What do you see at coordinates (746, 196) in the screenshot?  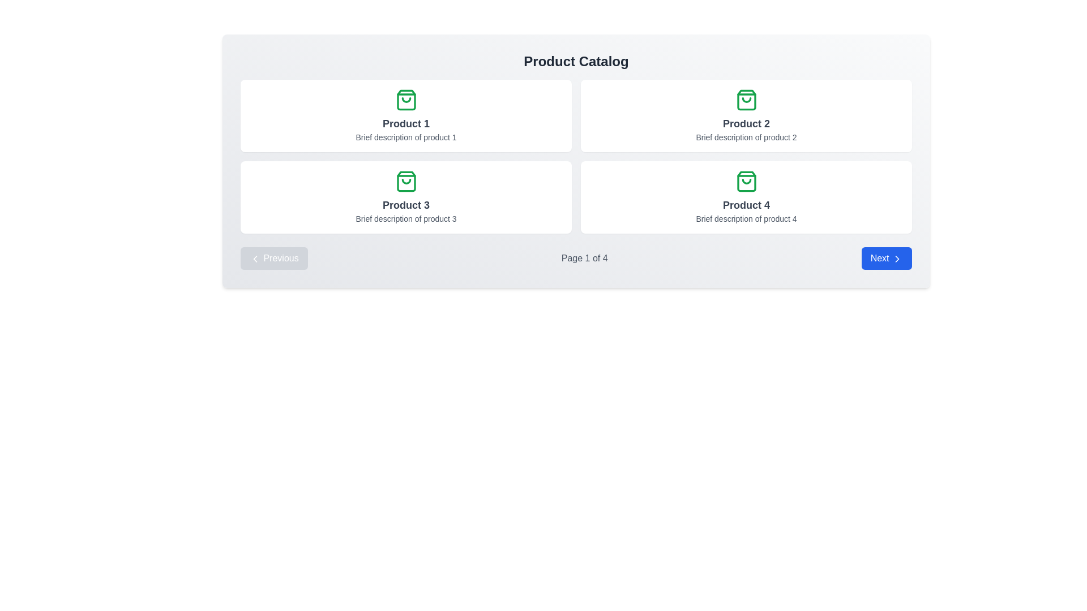 I see `the product card located in the bottom-right corner of the 2x2 grid layout` at bounding box center [746, 196].